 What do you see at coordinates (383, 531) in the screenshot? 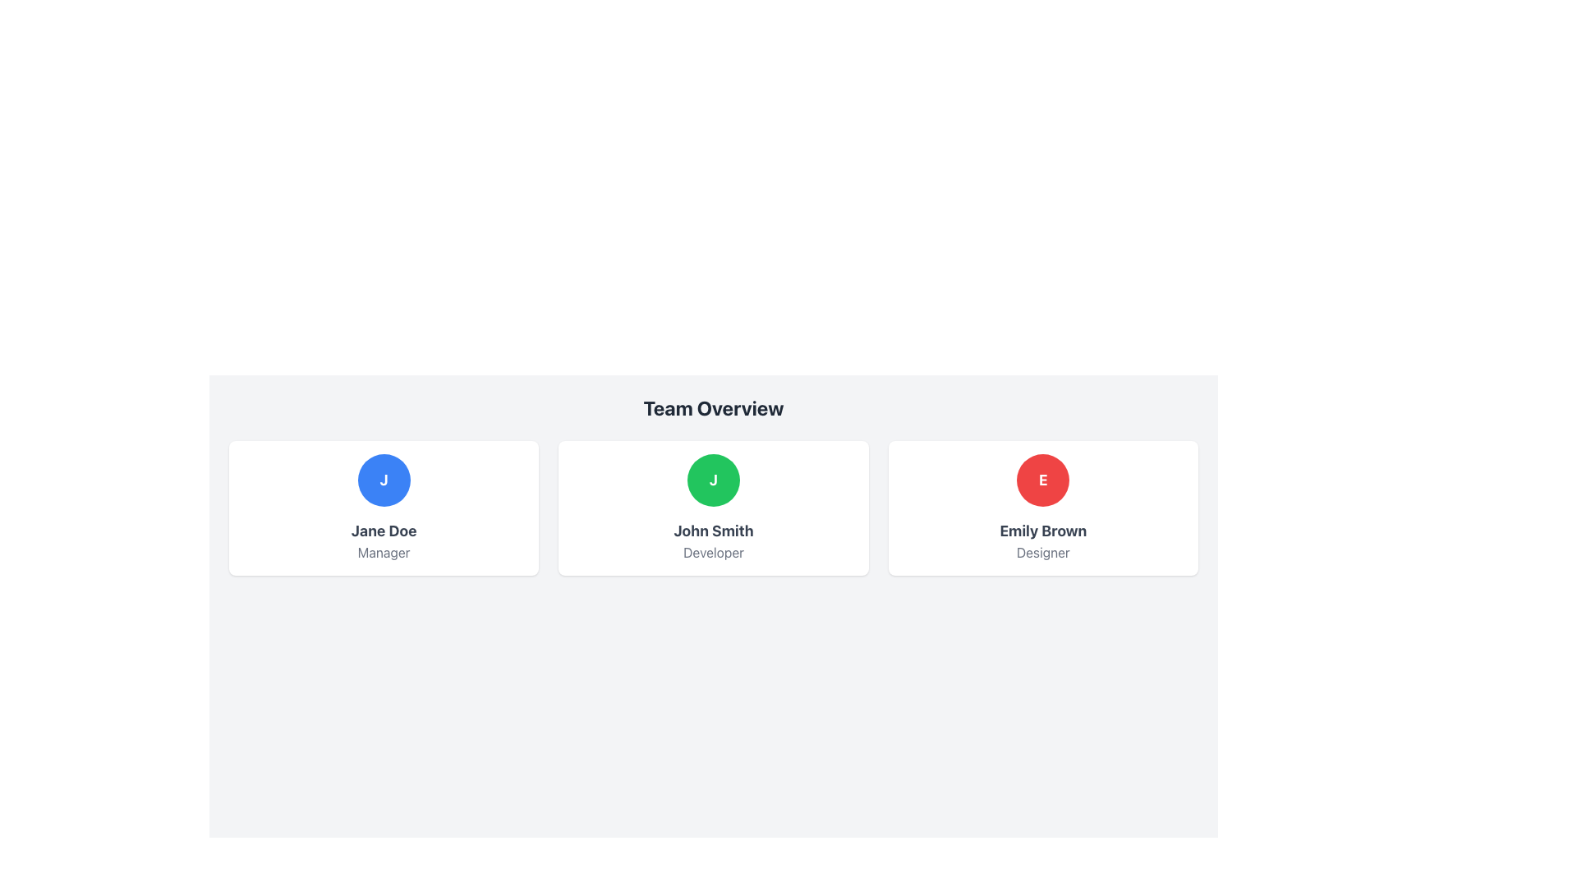
I see `the 'Jane Doe' text label displayed in bold font, positioned below a blue circular icon and above a smaller text element reading 'Manager'` at bounding box center [383, 531].